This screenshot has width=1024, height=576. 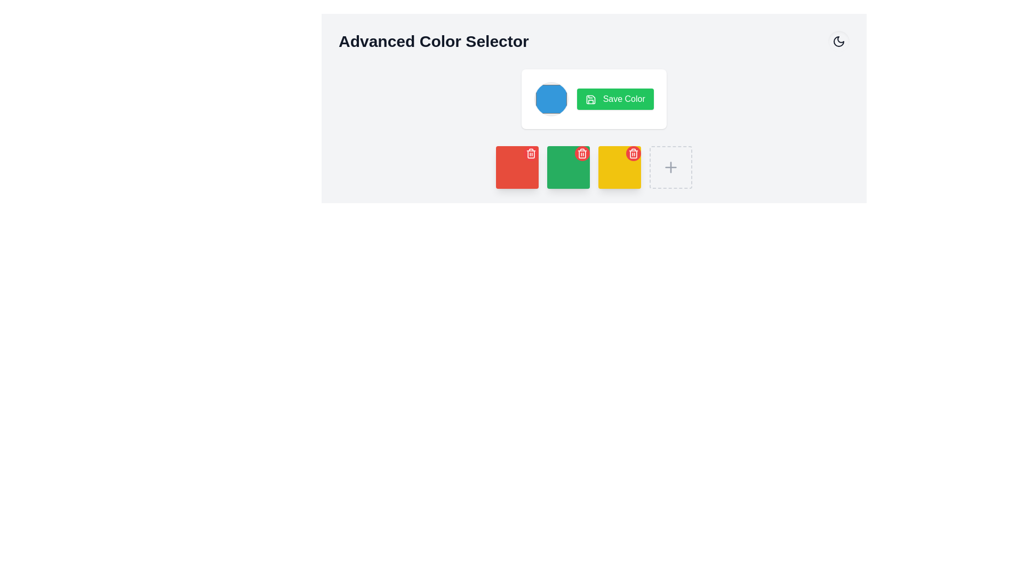 I want to click on the 'plus' icon button, which is used to add or create a new item or feature within the color selection context, so click(x=670, y=167).